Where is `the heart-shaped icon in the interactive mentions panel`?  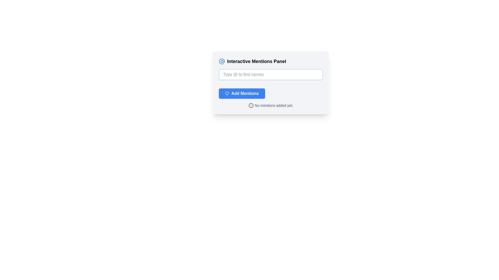 the heart-shaped icon in the interactive mentions panel is located at coordinates (227, 94).